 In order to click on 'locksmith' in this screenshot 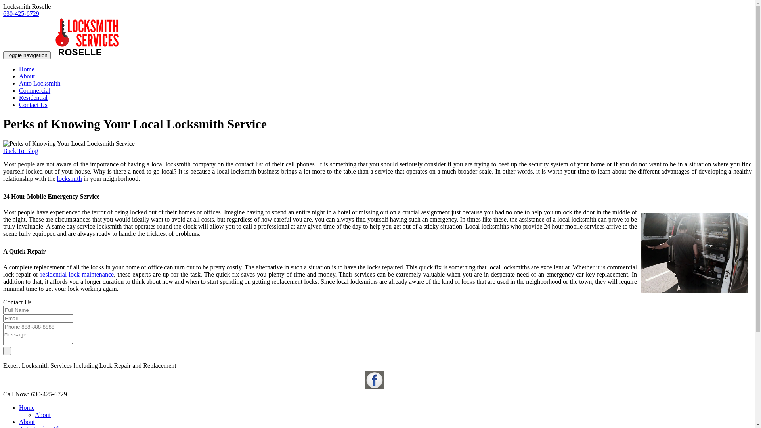, I will do `click(69, 178)`.